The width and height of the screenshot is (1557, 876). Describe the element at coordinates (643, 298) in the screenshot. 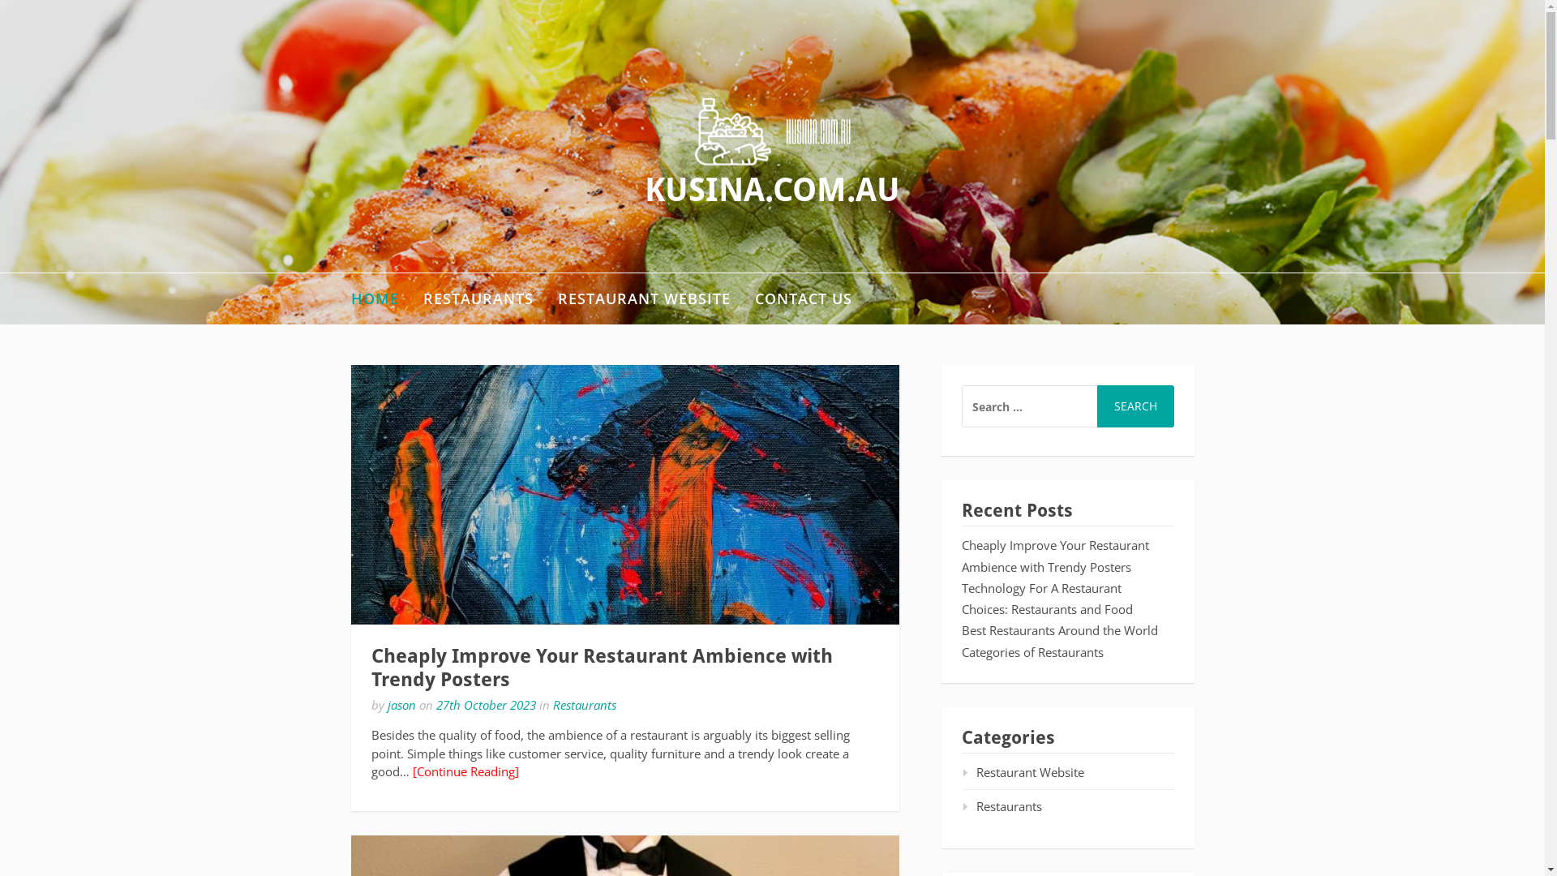

I see `'RESTAURANT WEBSITE'` at that location.